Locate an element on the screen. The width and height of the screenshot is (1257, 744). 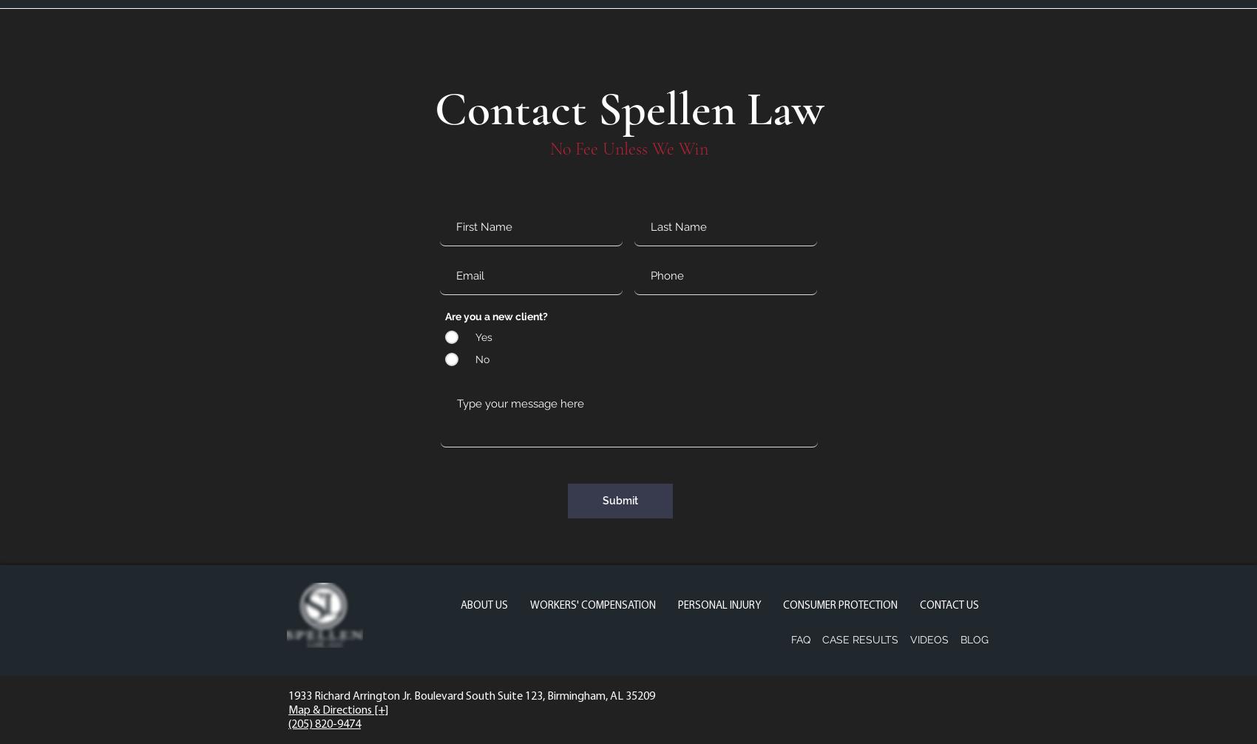
'CONTACT US' is located at coordinates (919, 605).